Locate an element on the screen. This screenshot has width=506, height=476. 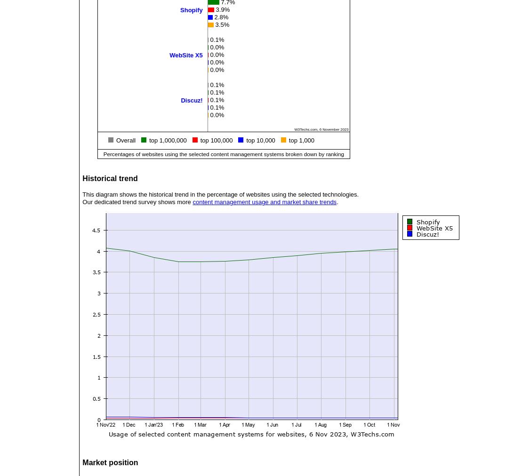
'2.8%' is located at coordinates (221, 16).